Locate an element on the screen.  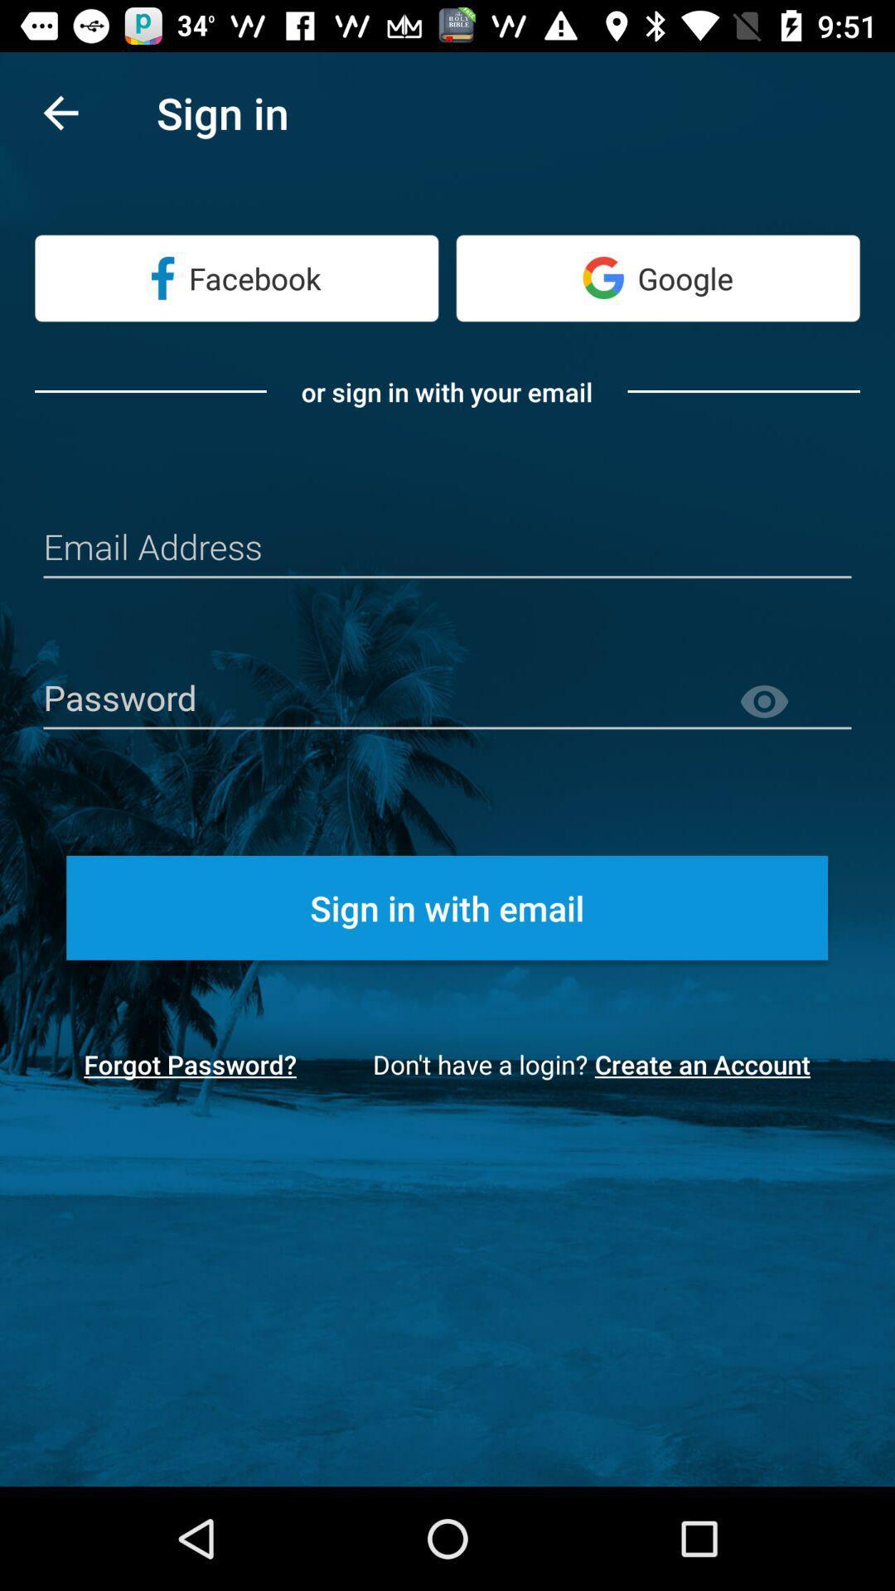
email address is located at coordinates (447, 549).